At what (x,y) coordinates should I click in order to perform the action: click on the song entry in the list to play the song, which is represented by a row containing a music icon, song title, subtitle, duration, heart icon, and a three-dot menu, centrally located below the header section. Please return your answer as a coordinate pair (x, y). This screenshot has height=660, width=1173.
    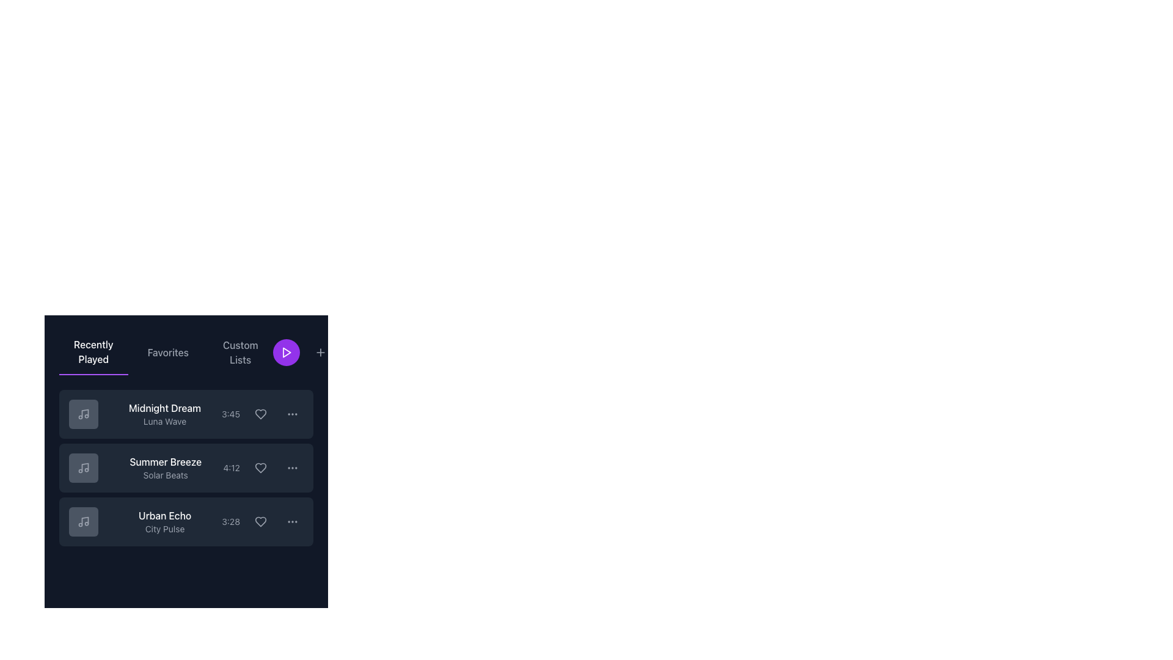
    Looking at the image, I should click on (186, 454).